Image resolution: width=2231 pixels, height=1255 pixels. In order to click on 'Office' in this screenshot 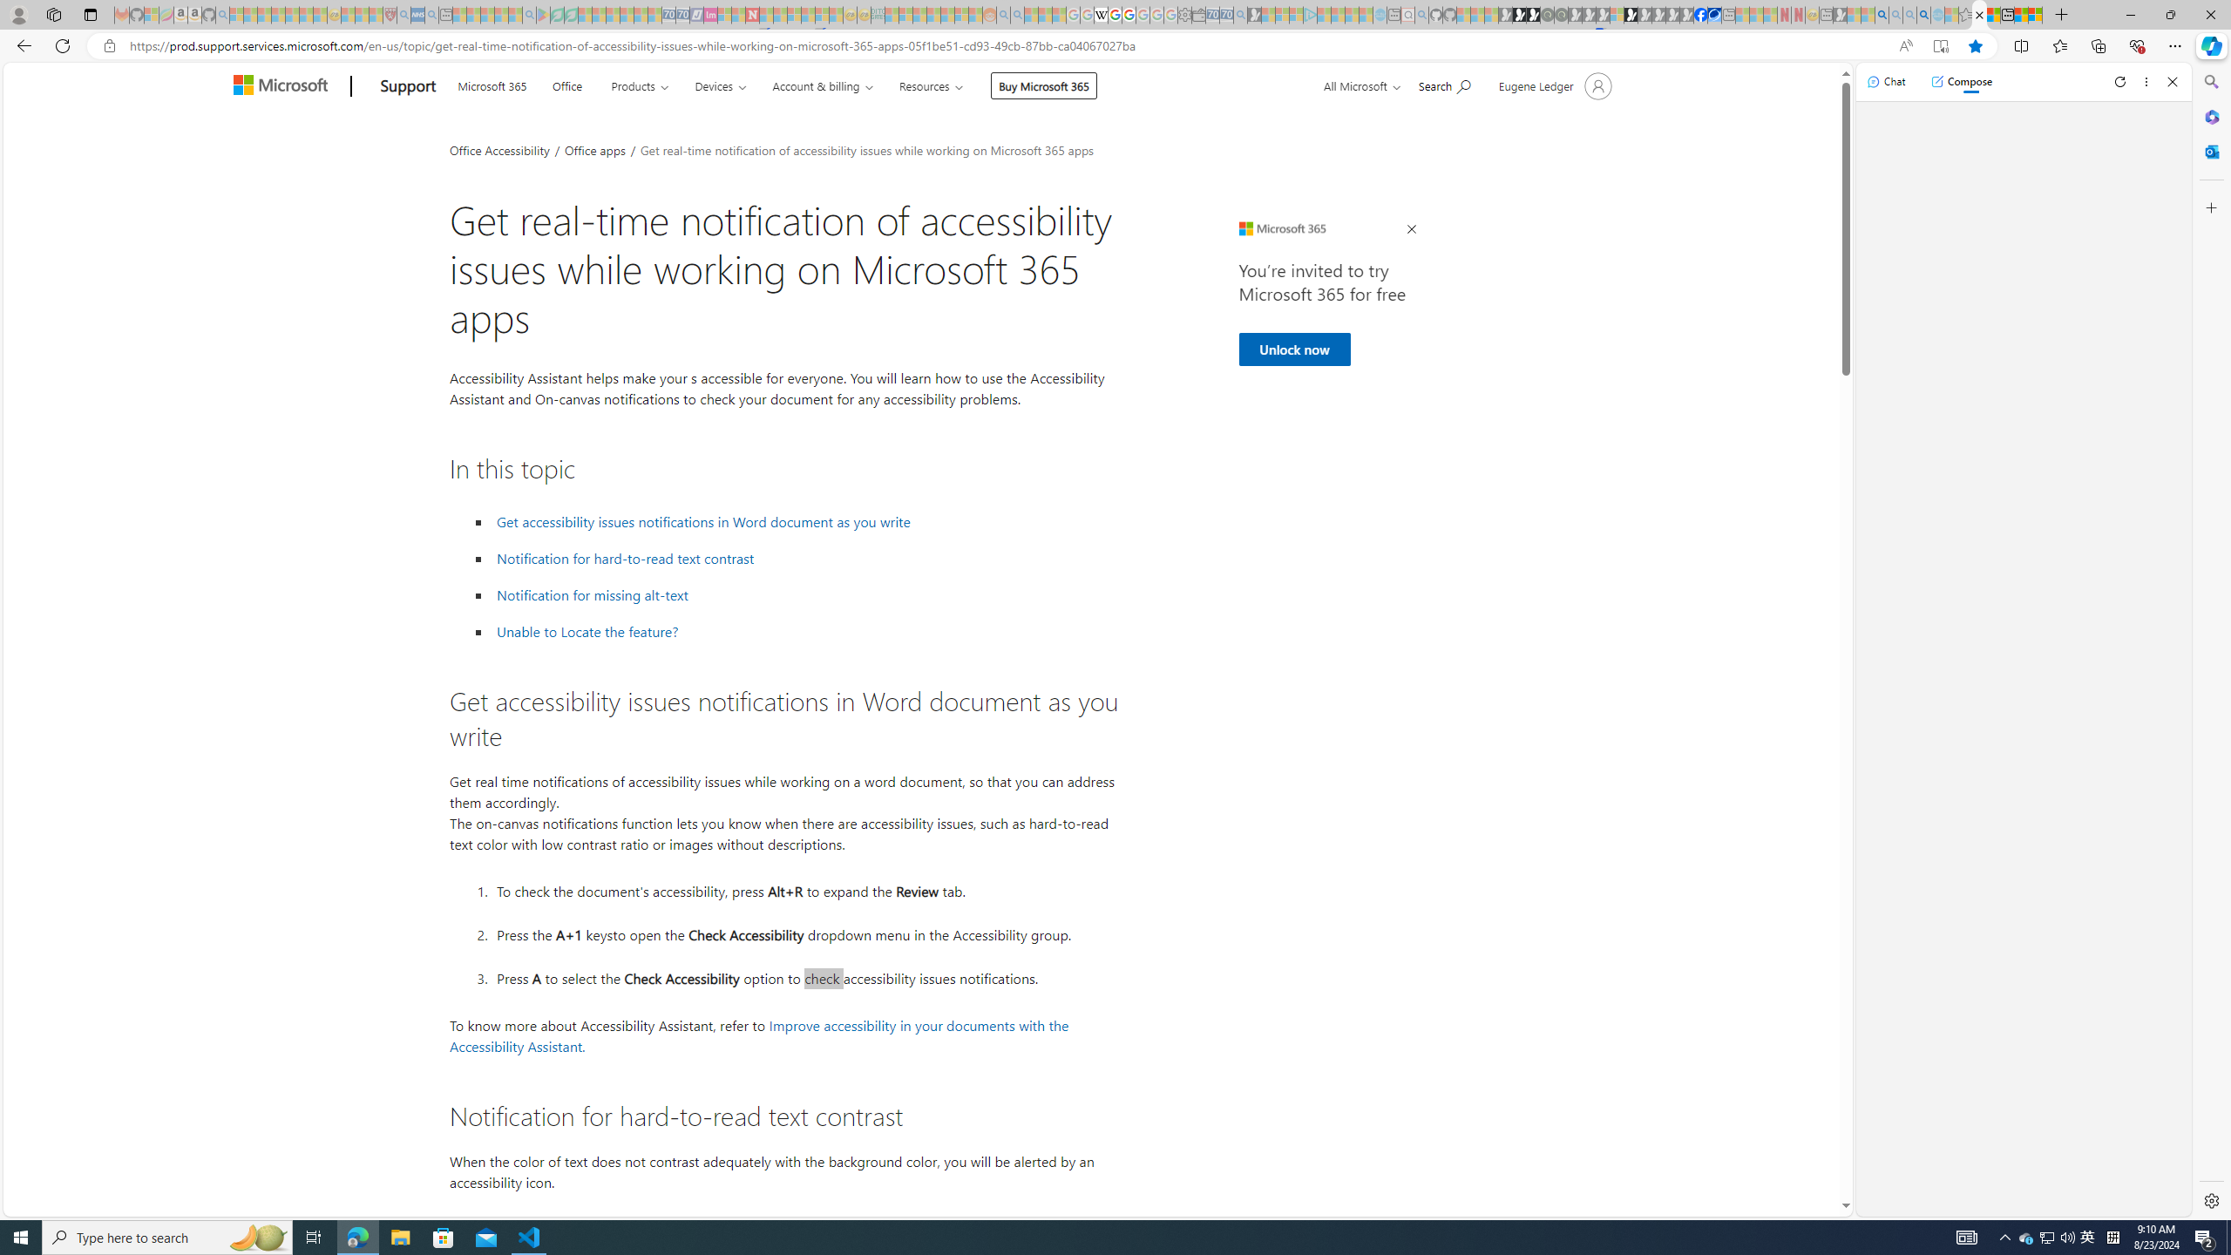, I will do `click(566, 84)`.